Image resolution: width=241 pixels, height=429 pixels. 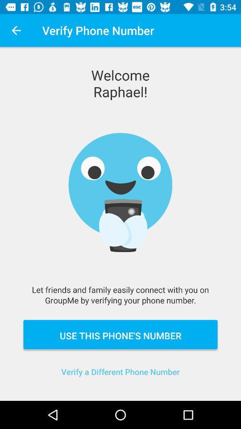 What do you see at coordinates (120, 377) in the screenshot?
I see `verify a different item` at bounding box center [120, 377].